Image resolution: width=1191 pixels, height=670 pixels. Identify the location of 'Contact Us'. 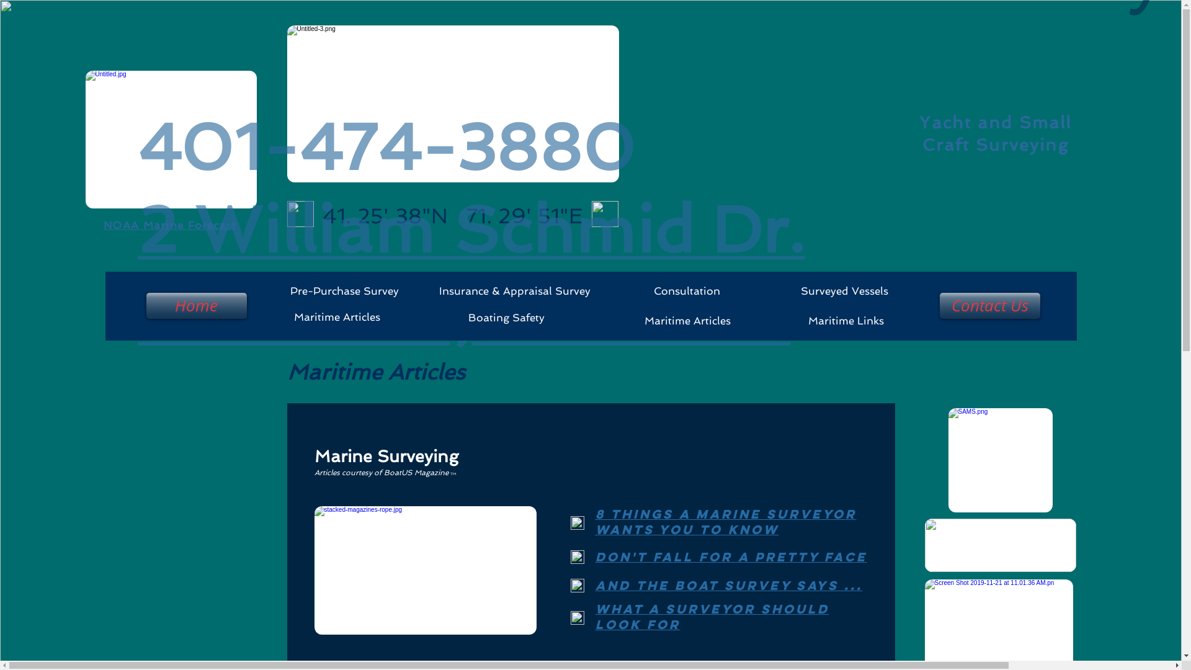
(937, 306).